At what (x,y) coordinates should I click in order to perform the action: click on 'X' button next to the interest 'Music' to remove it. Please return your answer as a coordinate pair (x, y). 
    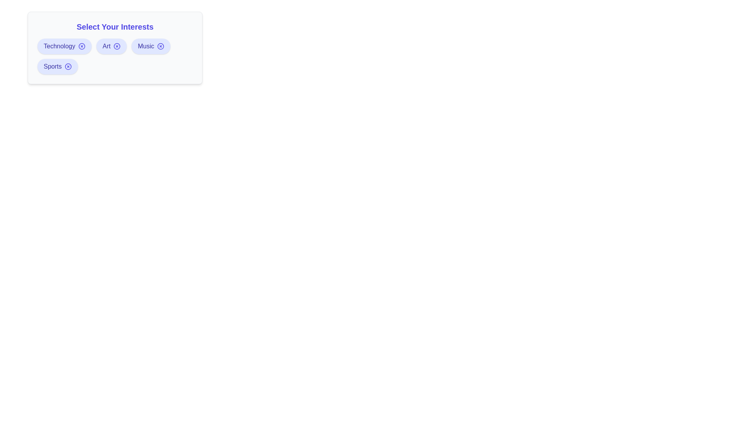
    Looking at the image, I should click on (160, 46).